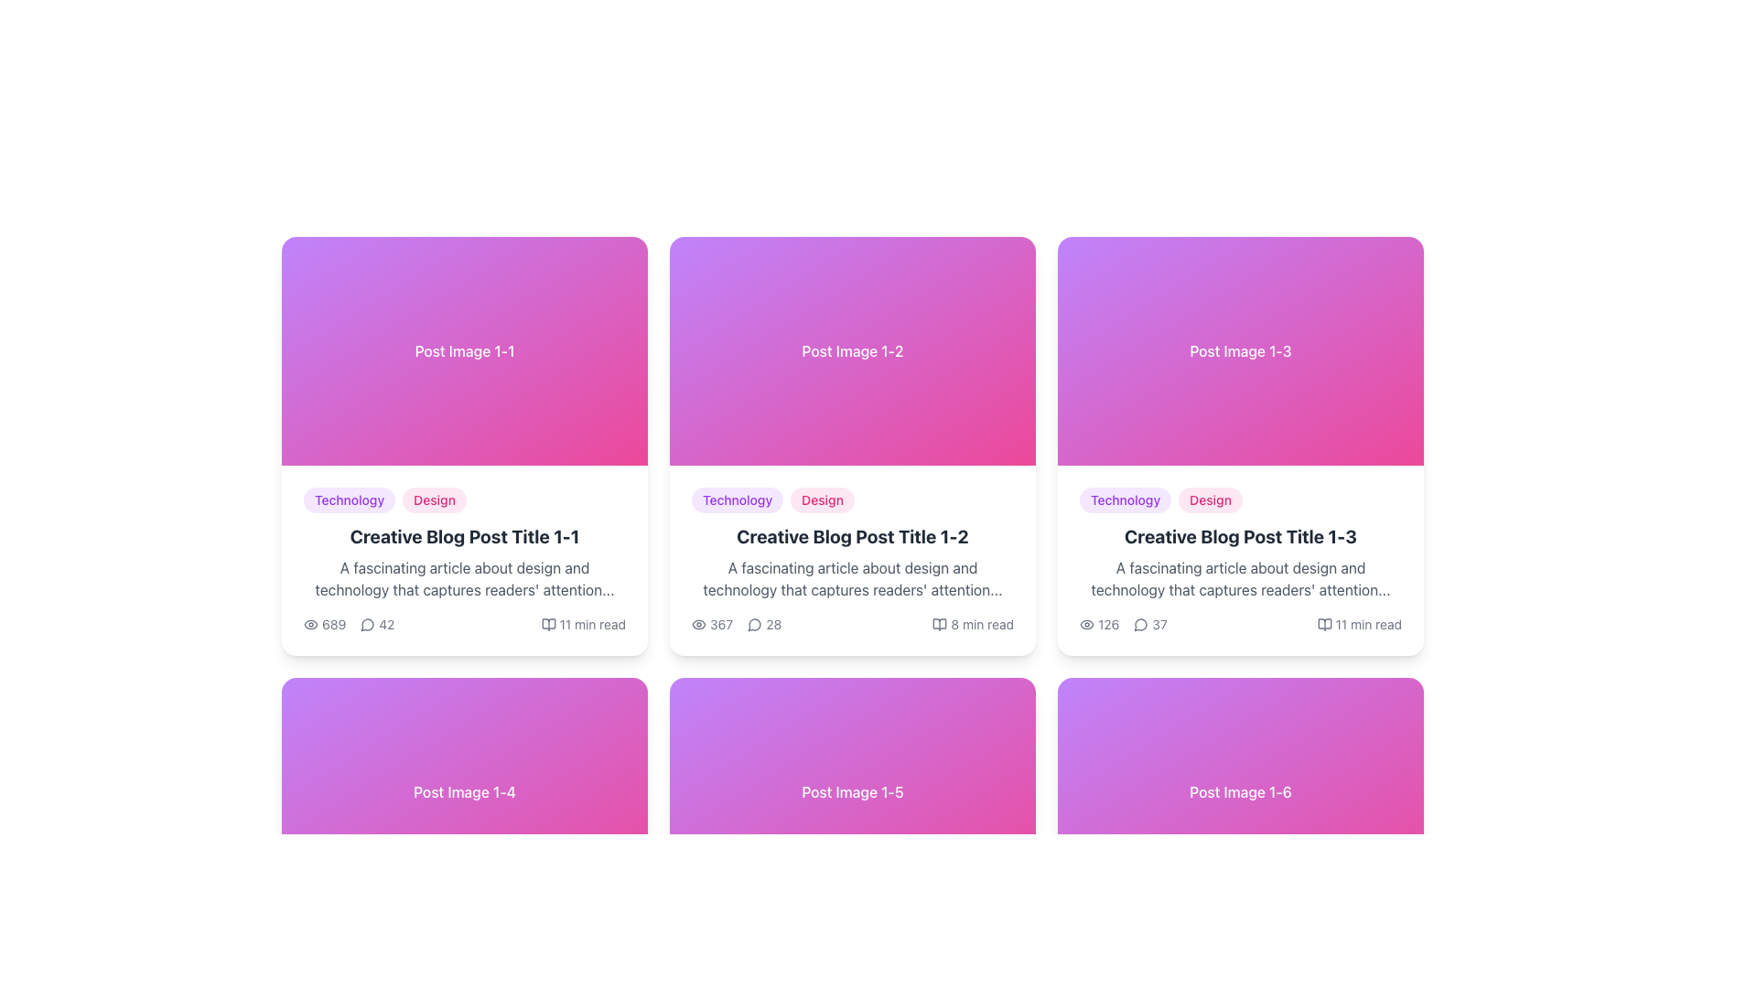 The image size is (1757, 988). What do you see at coordinates (851, 535) in the screenshot?
I see `the bold title text labeled 'Creative Blog Post Title 1-2'` at bounding box center [851, 535].